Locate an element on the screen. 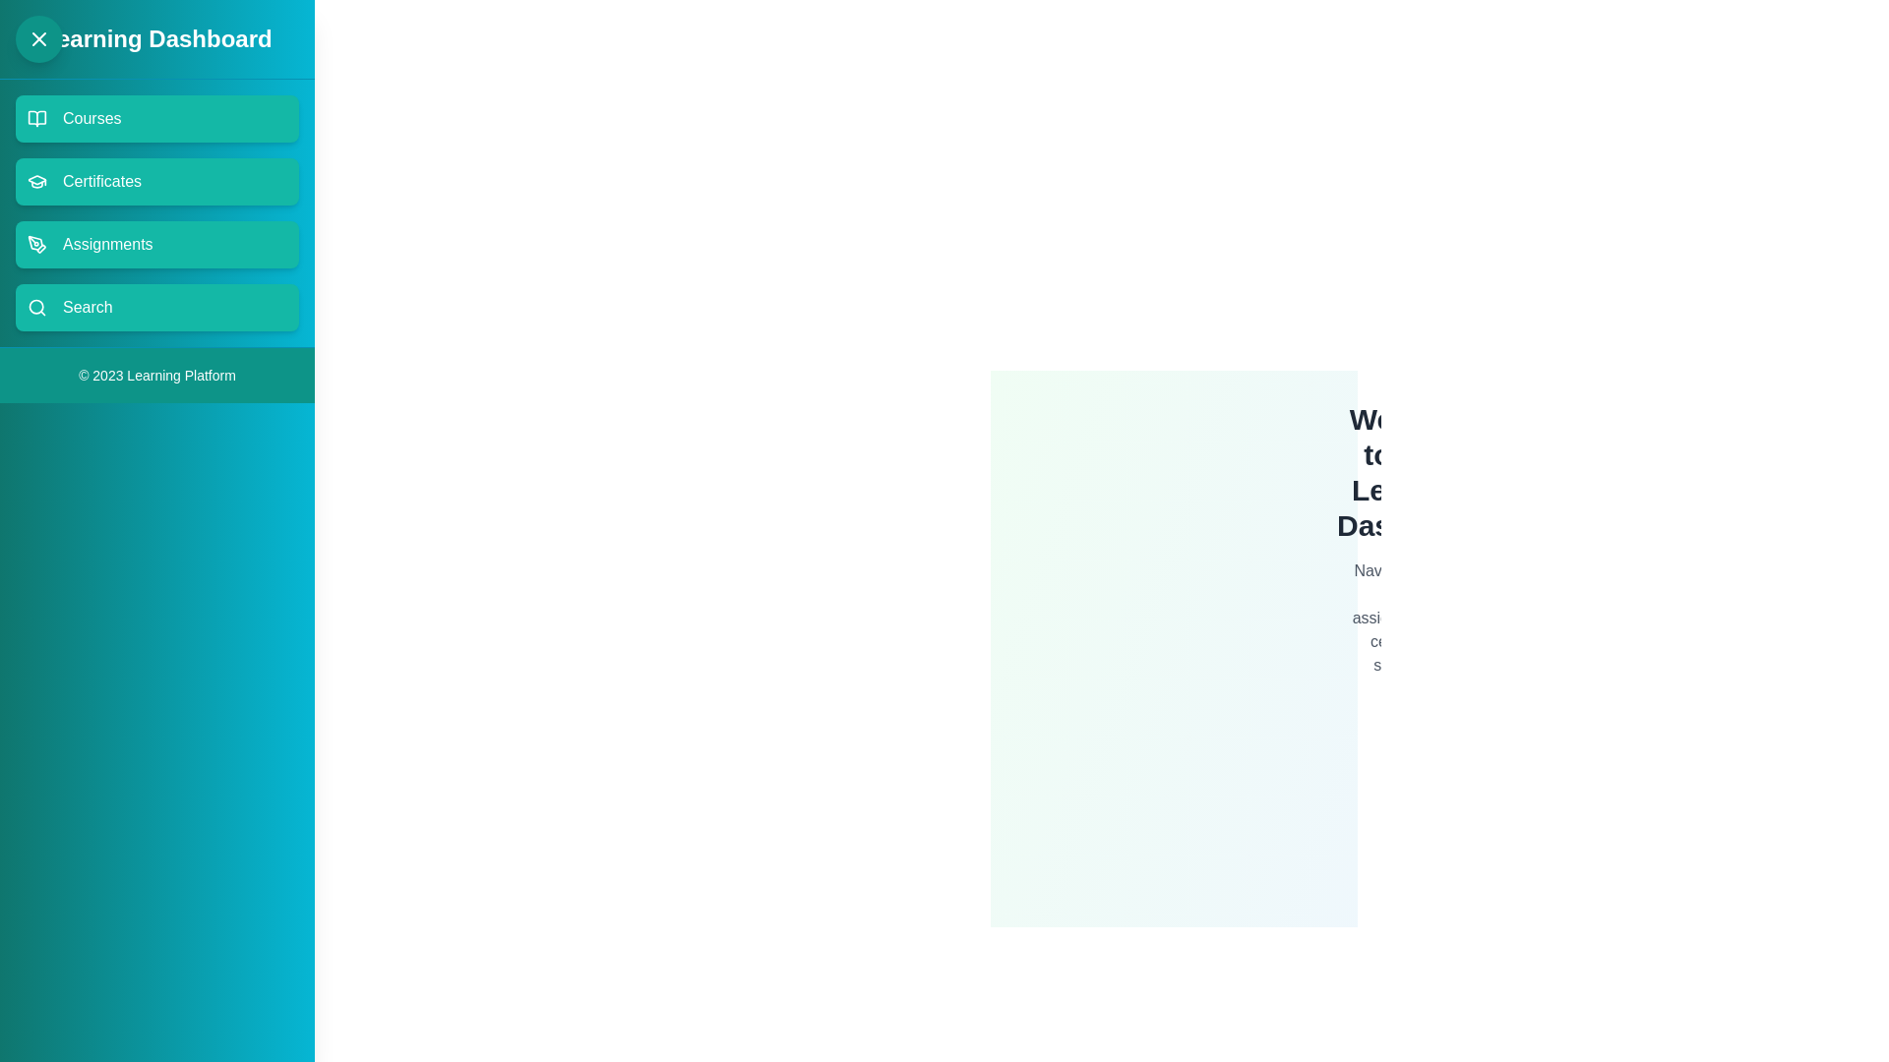 The width and height of the screenshot is (1889, 1062). the educational or professional theme icon located on the left side of the sidebar, aligned with the 'Certificates' button text is located at coordinates (37, 180).